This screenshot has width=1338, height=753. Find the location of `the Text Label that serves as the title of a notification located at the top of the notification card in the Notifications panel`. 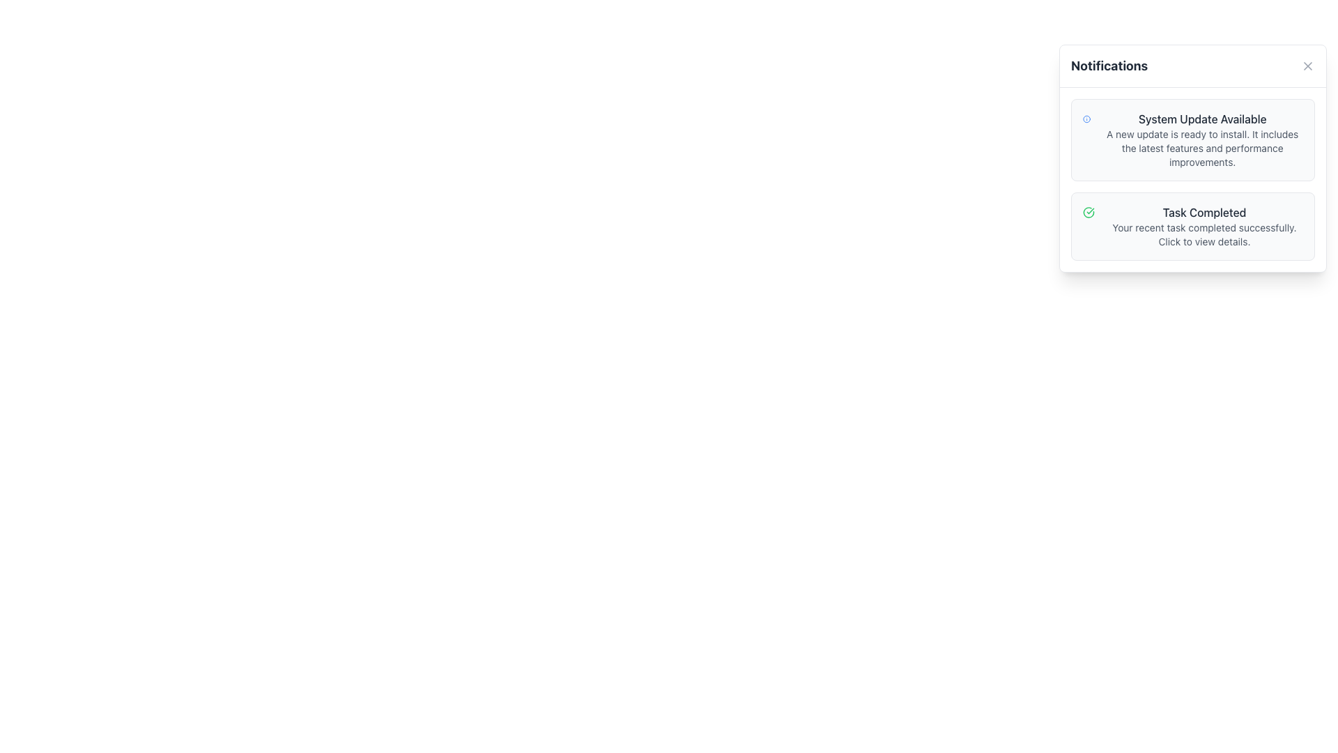

the Text Label that serves as the title of a notification located at the top of the notification card in the Notifications panel is located at coordinates (1201, 118).